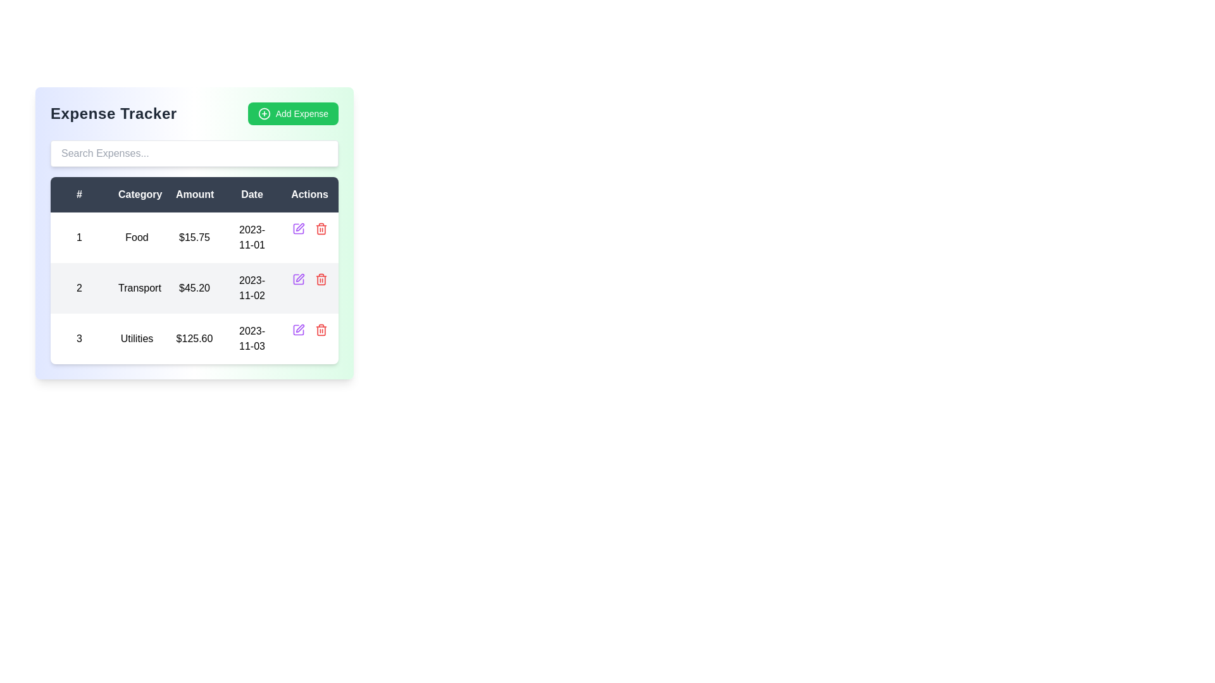 This screenshot has height=683, width=1215. Describe the element at coordinates (321, 329) in the screenshot. I see `the trash can icon located in the bottom-right corner of the third row in the 'Actions' column of the expense tracker application` at that location.